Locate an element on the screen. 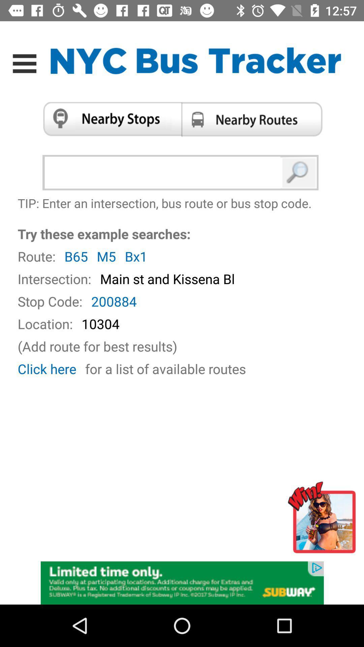 Image resolution: width=364 pixels, height=647 pixels. search for bus is located at coordinates (299, 173).